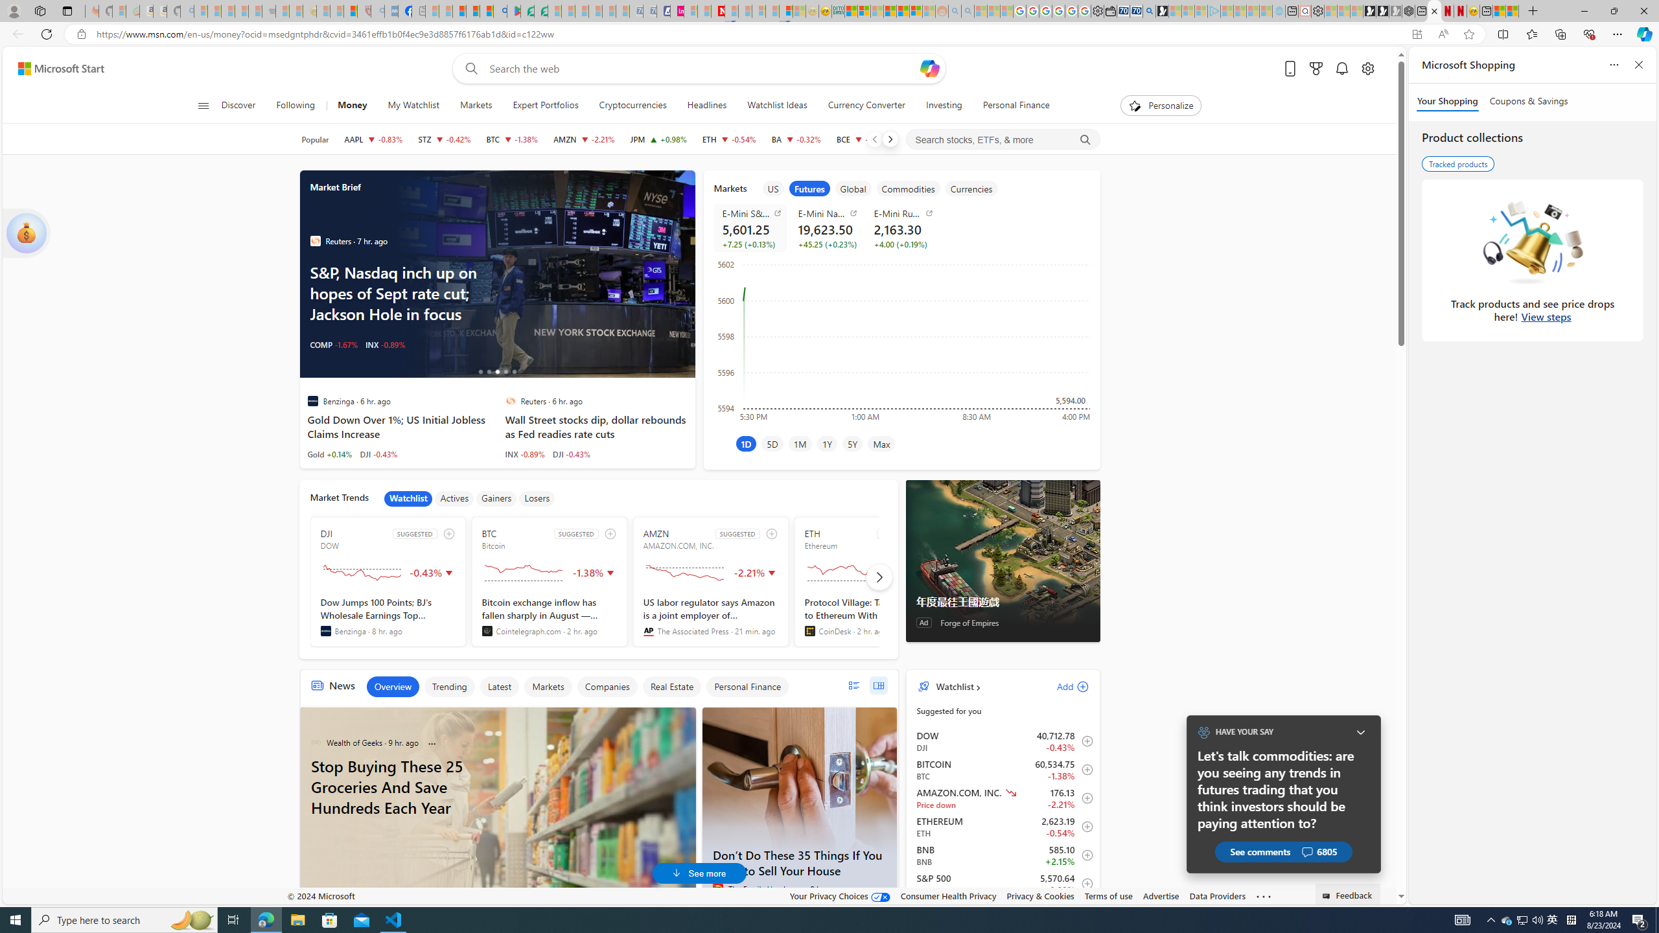 The image size is (1659, 933). What do you see at coordinates (901, 340) in the screenshot?
I see `'Class: recharts-surface'` at bounding box center [901, 340].